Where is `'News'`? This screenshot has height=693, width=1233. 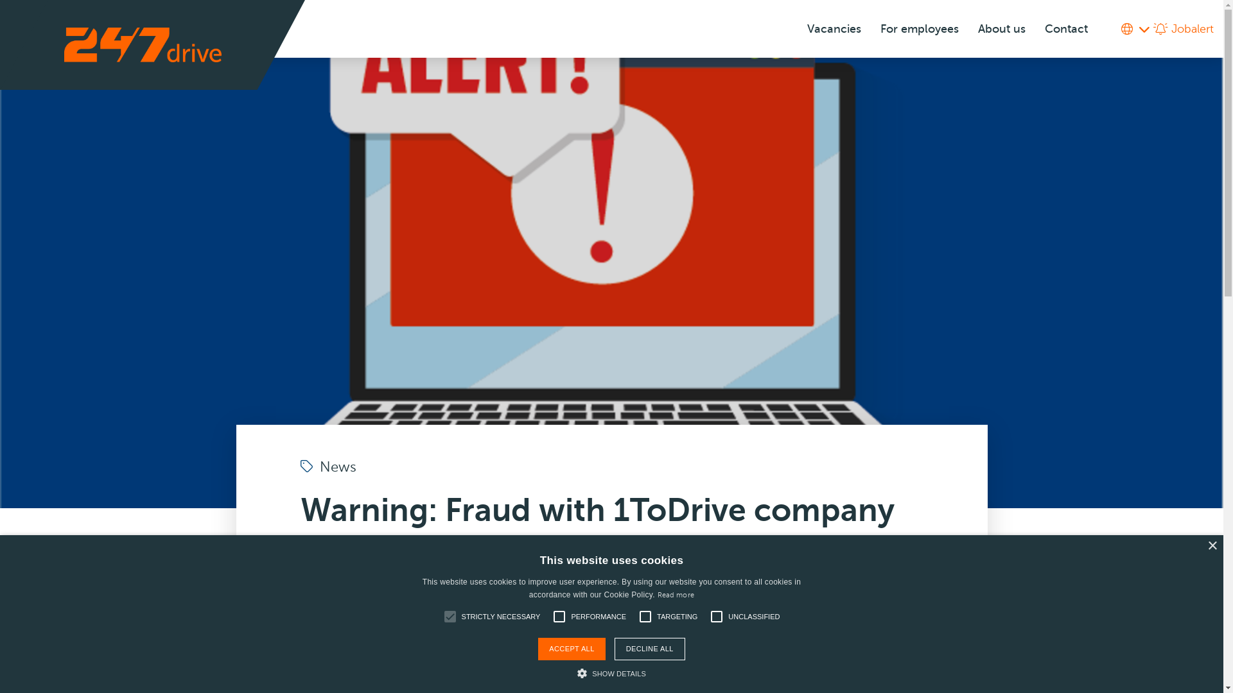
'News' is located at coordinates (328, 467).